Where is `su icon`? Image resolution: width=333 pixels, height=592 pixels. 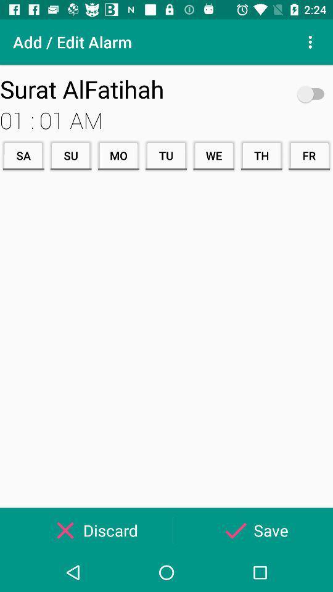 su icon is located at coordinates (71, 155).